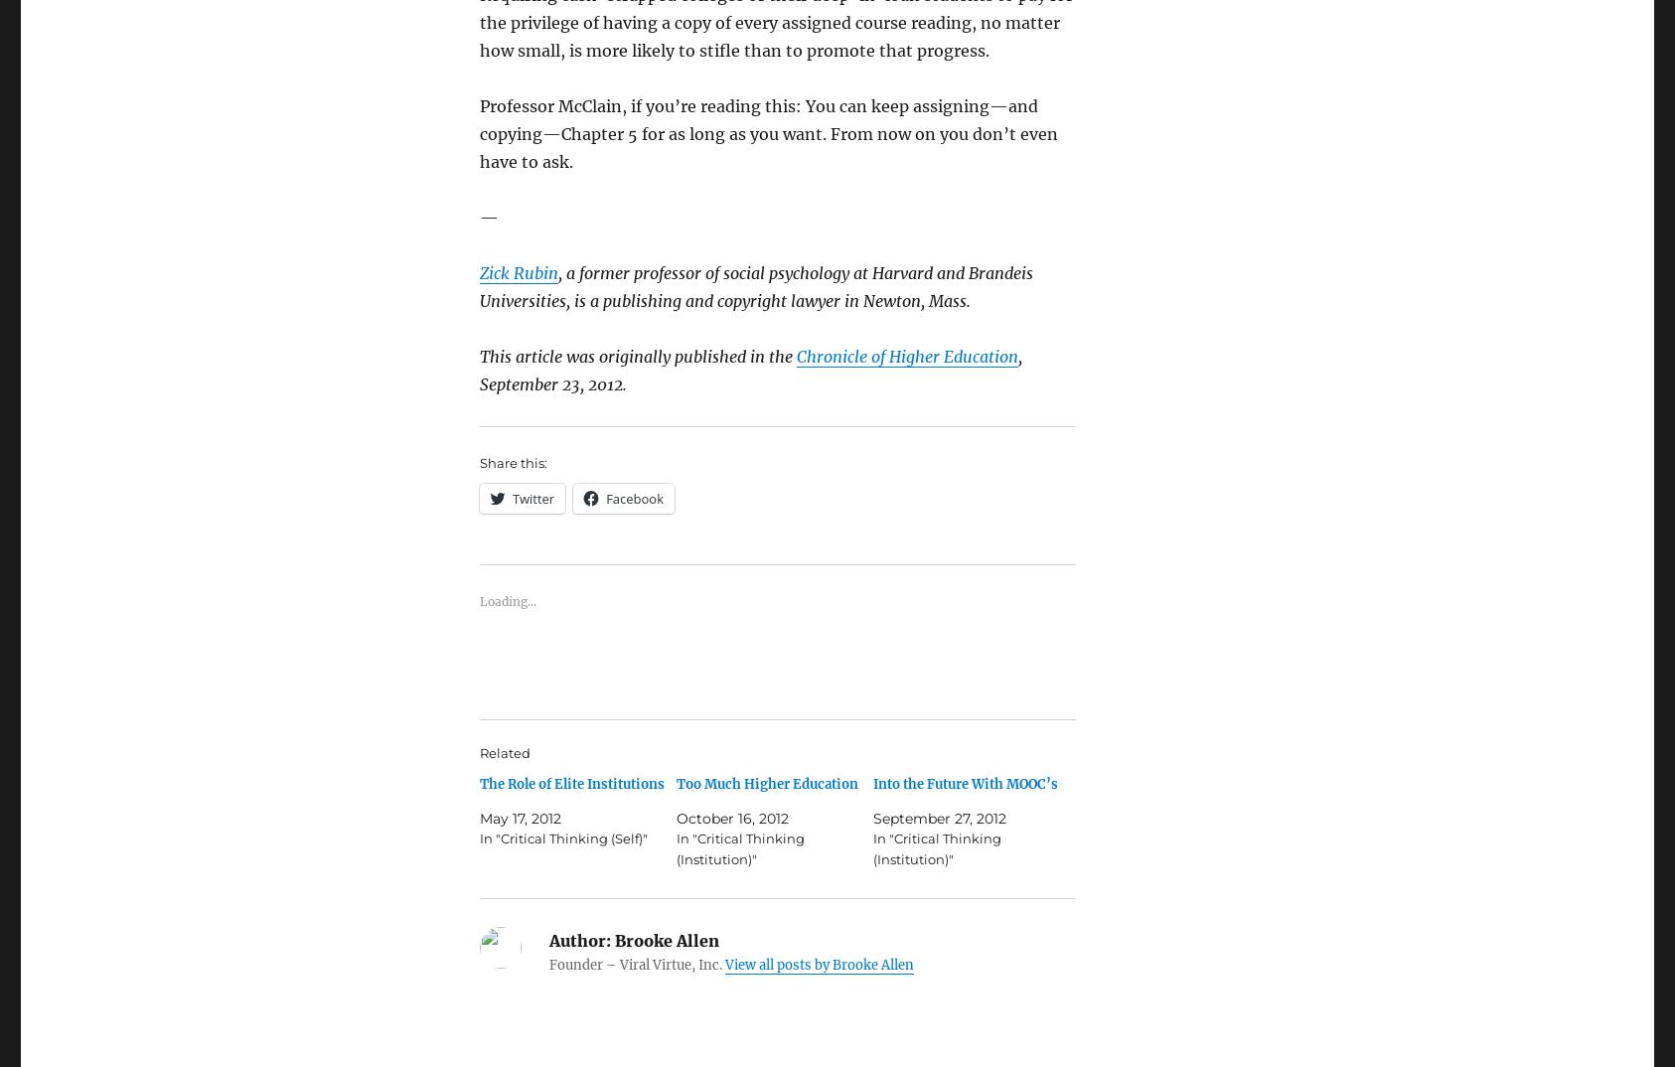 This screenshot has height=1067, width=1675. Describe the element at coordinates (579, 939) in the screenshot. I see `'Author:'` at that location.